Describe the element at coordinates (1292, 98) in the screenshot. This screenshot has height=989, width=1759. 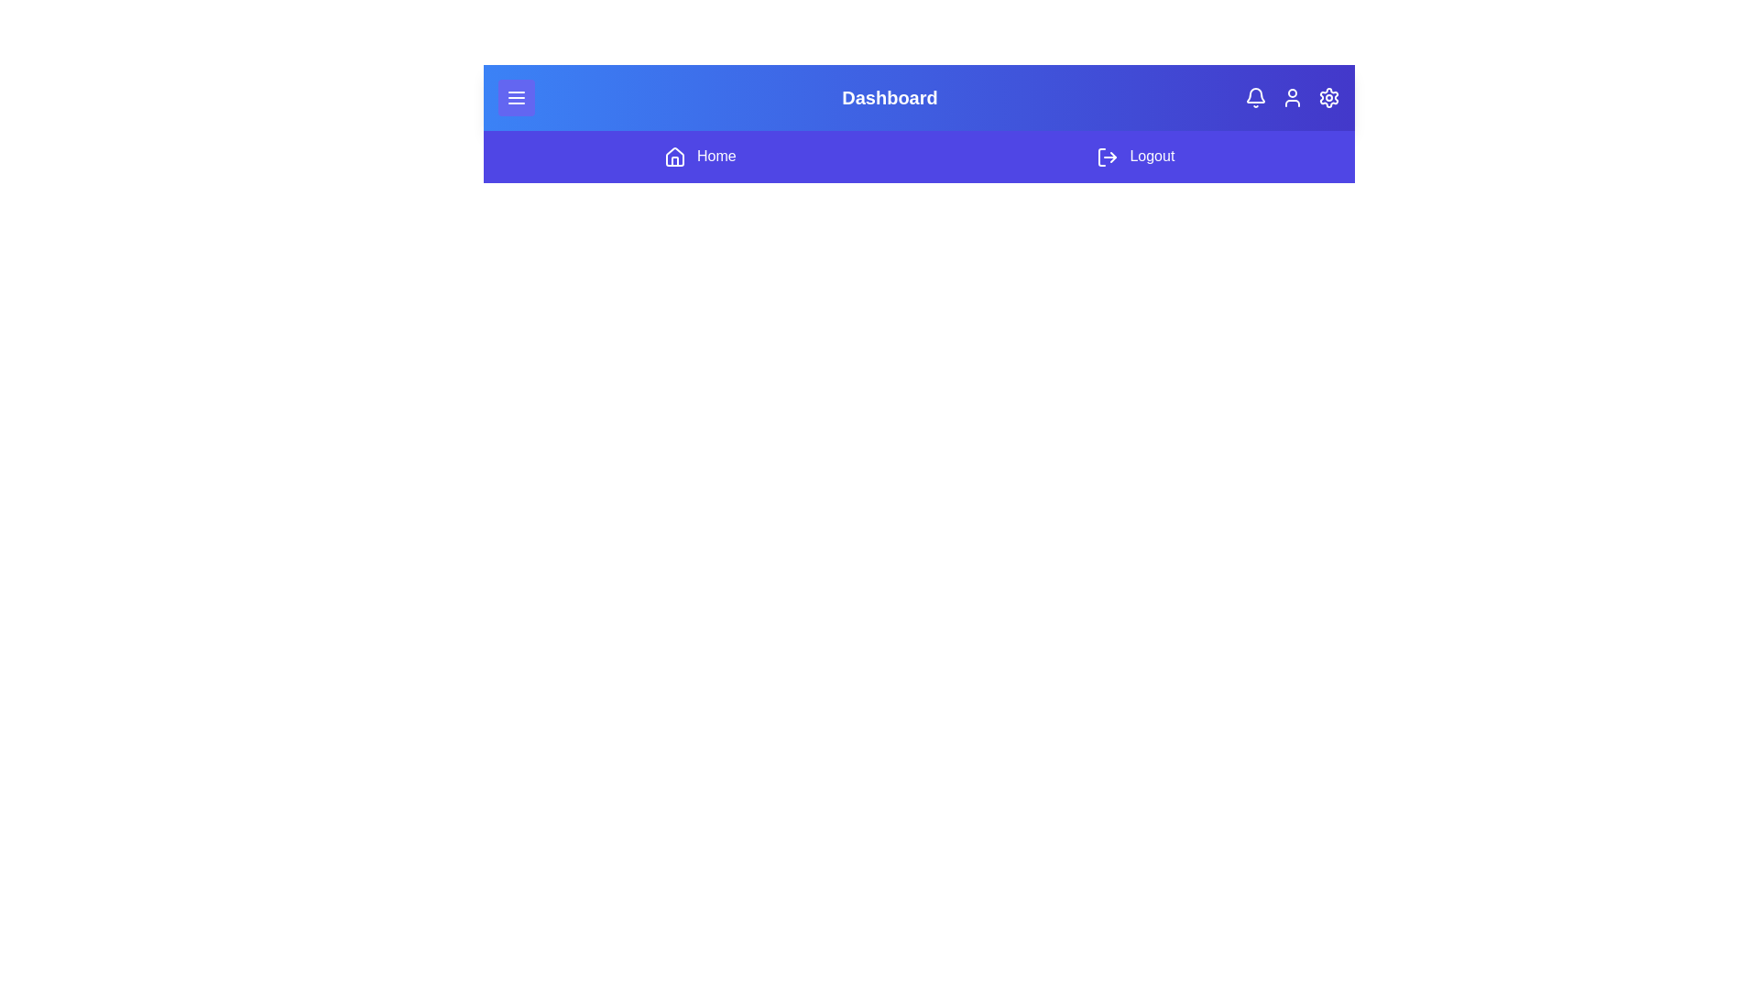
I see `the user icon to access the user profile settings` at that location.